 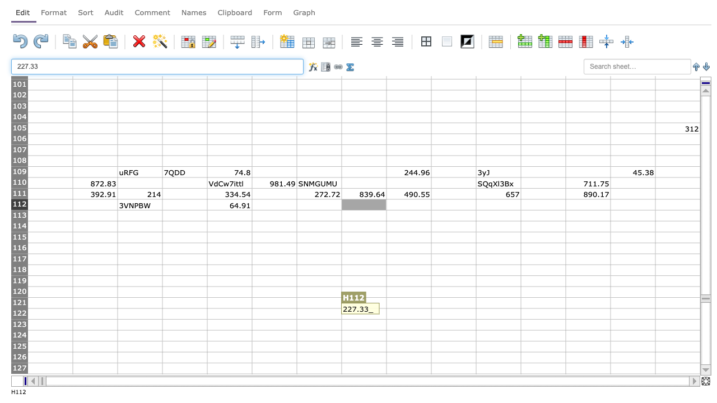 I want to click on cell at column B row 123, so click(x=95, y=325).